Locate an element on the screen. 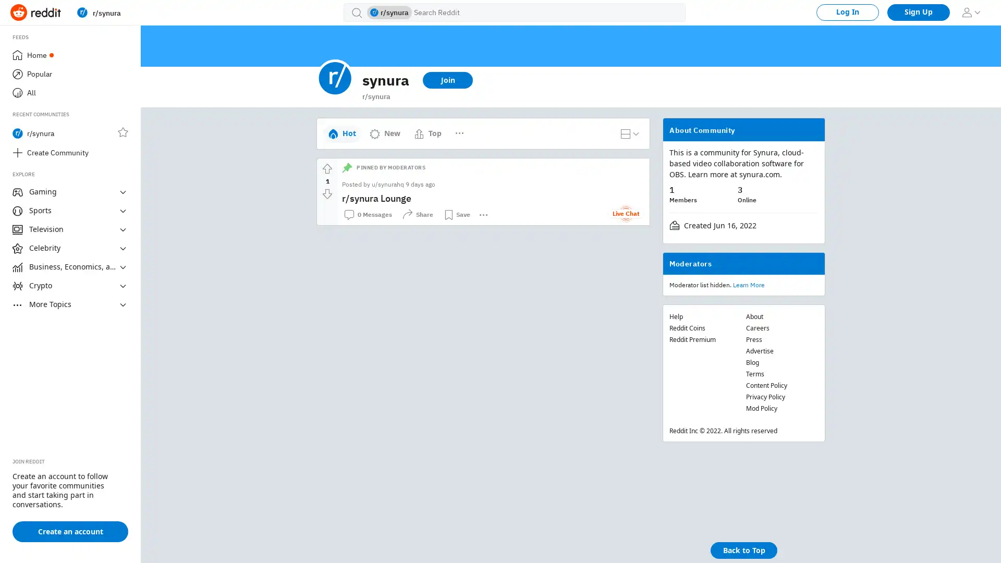 This screenshot has width=1001, height=563. Hot is located at coordinates (342, 132).